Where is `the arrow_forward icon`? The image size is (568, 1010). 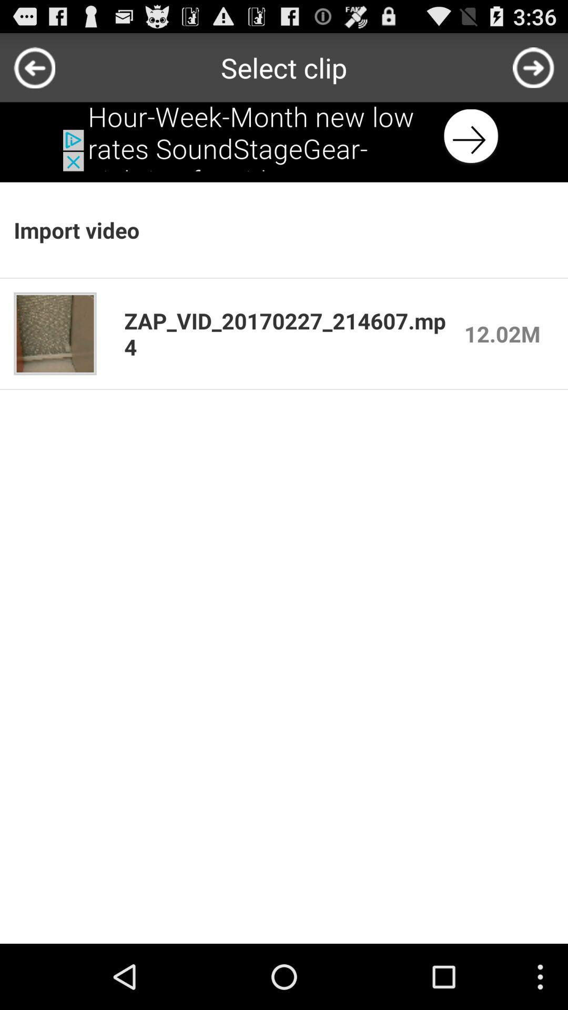
the arrow_forward icon is located at coordinates (533, 72).